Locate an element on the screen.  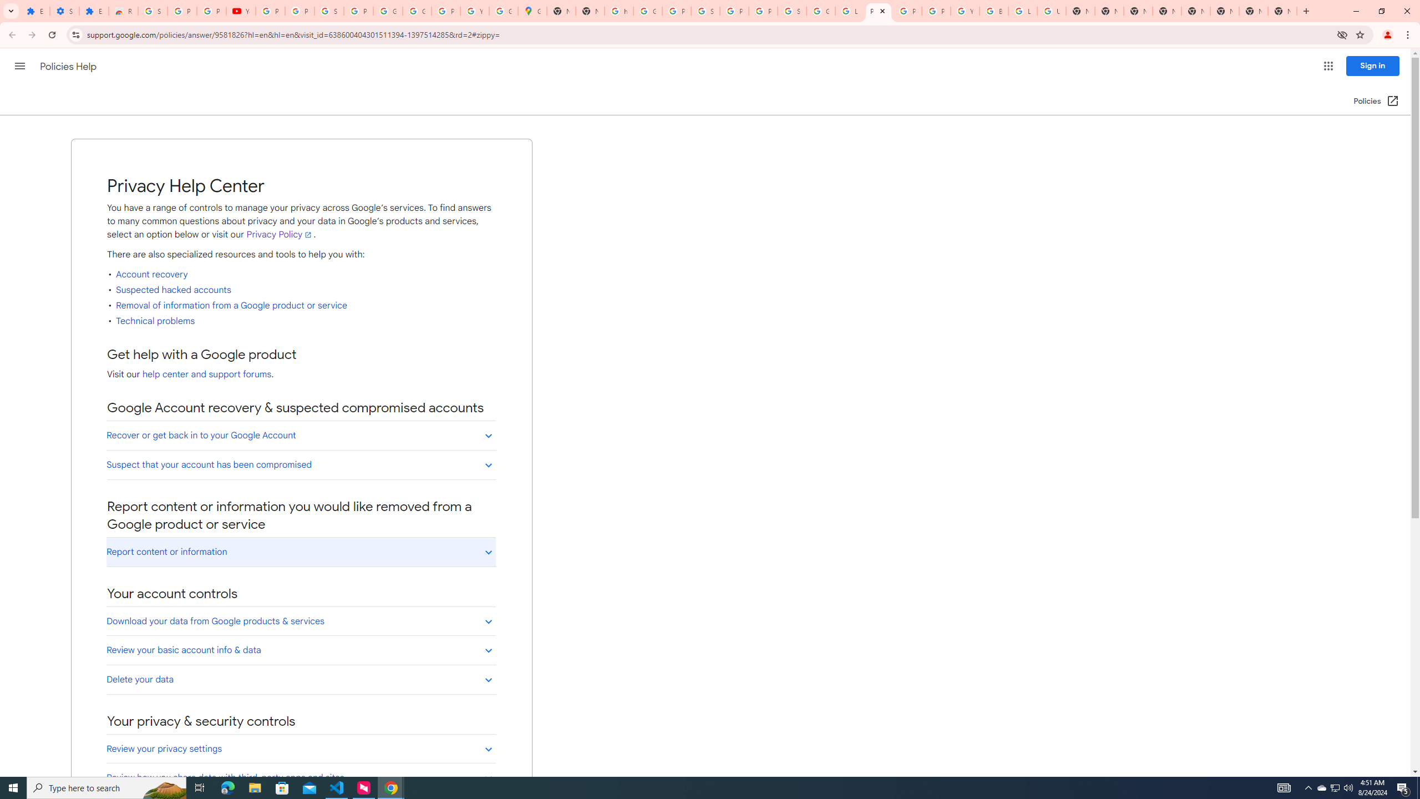
'Privacy Help Center - Policies Help' is located at coordinates (878, 11).